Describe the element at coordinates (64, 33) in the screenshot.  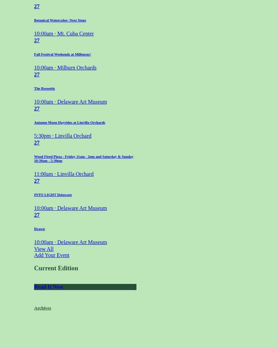
I see `'10:00am
·
Mt. Cuba Center'` at that location.